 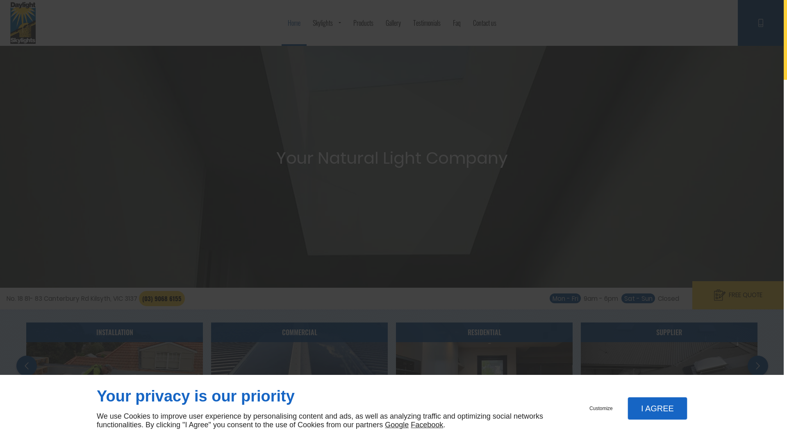 What do you see at coordinates (362, 23) in the screenshot?
I see `'Products'` at bounding box center [362, 23].